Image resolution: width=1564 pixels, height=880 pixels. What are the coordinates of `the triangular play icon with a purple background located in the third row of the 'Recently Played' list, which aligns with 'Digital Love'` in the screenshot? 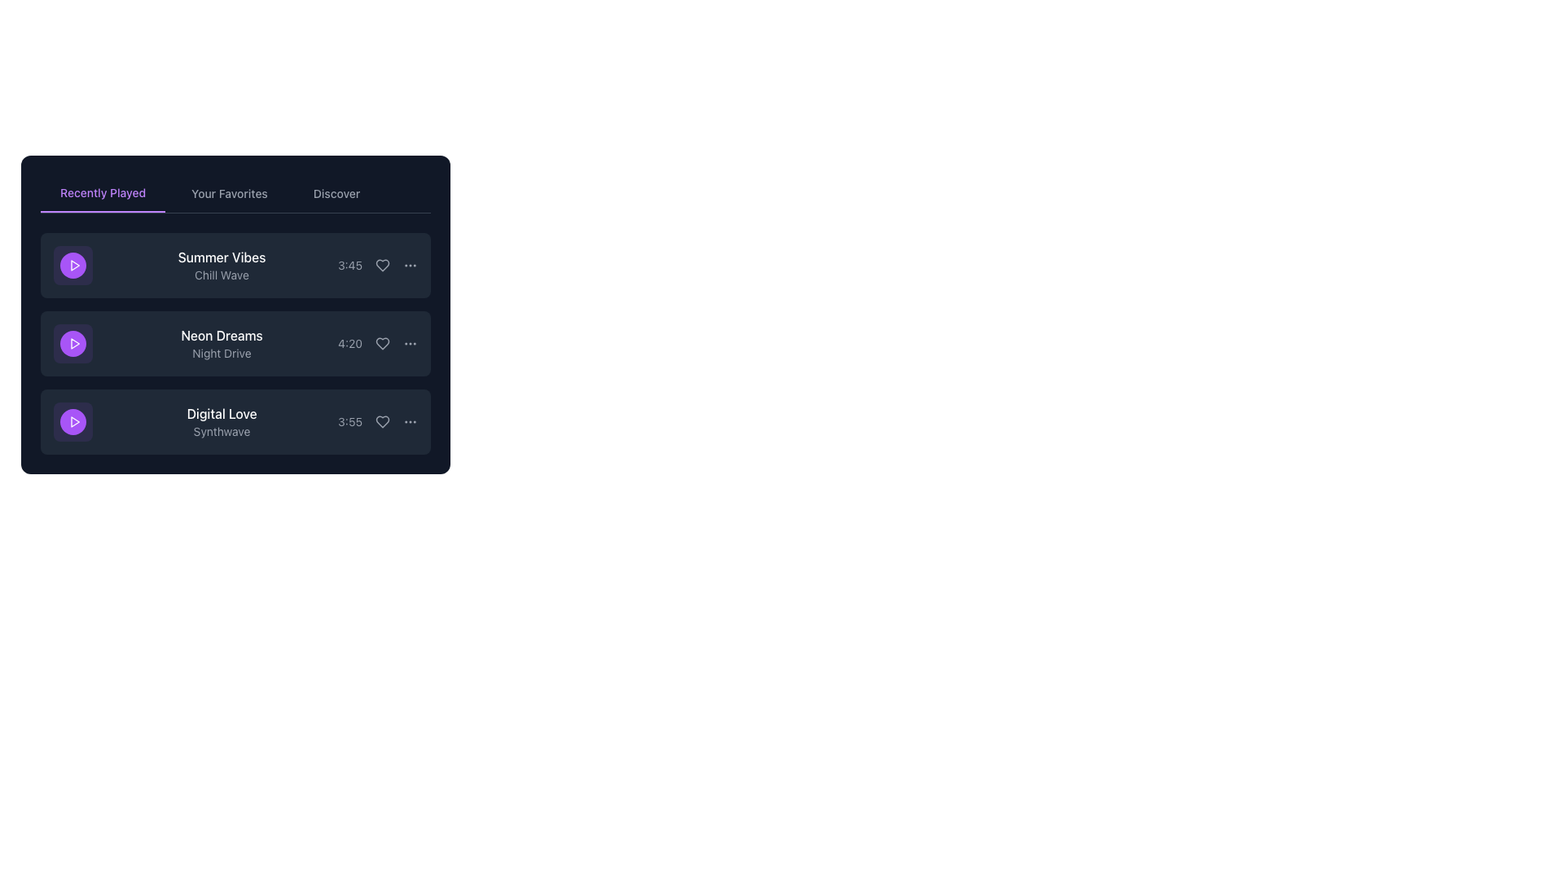 It's located at (74, 420).